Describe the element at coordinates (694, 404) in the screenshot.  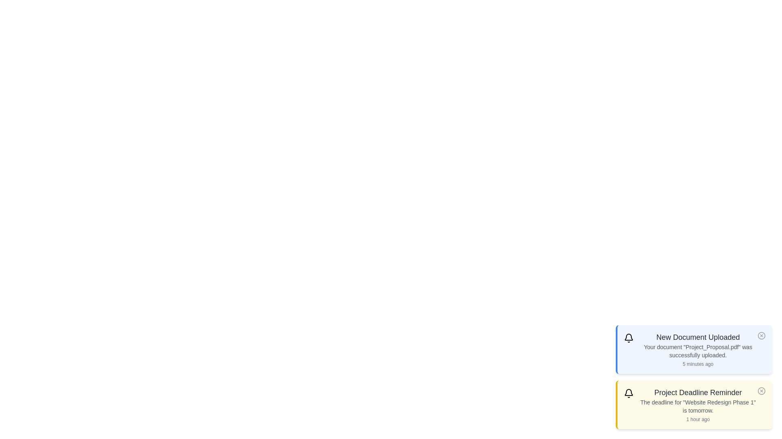
I see `the alert titled 'Project Deadline Reminder' to observe its hover effect` at that location.